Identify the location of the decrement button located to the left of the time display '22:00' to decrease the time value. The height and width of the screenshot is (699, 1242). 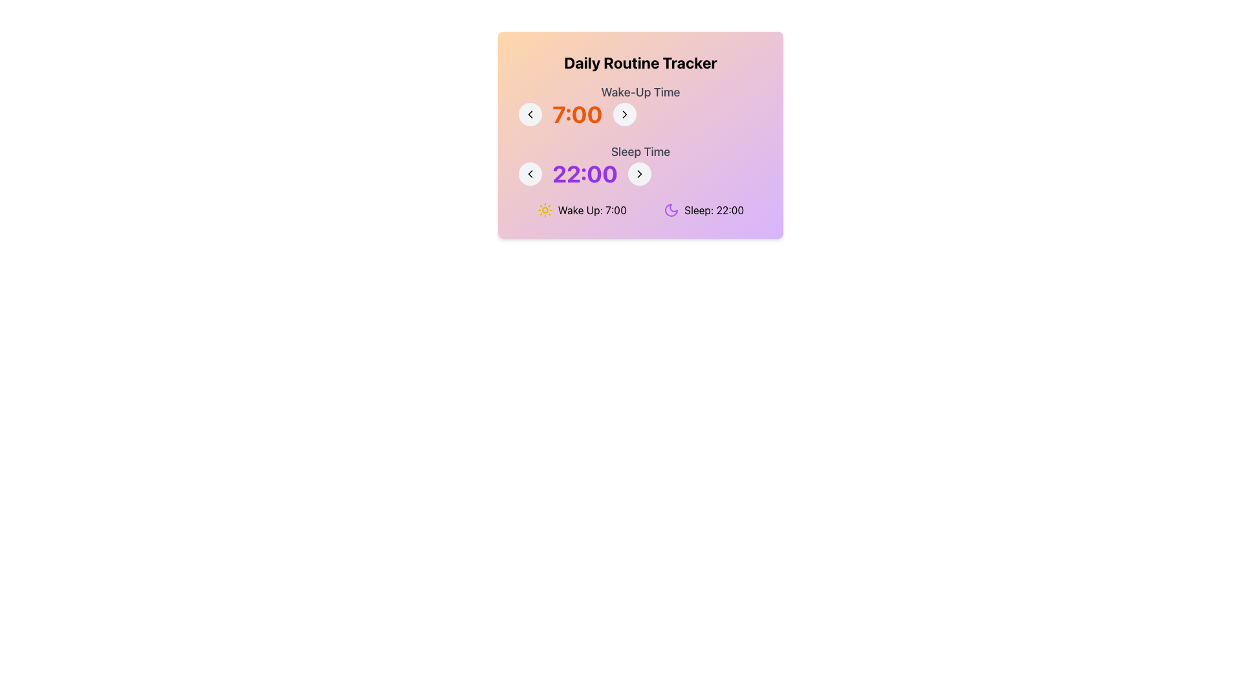
(530, 173).